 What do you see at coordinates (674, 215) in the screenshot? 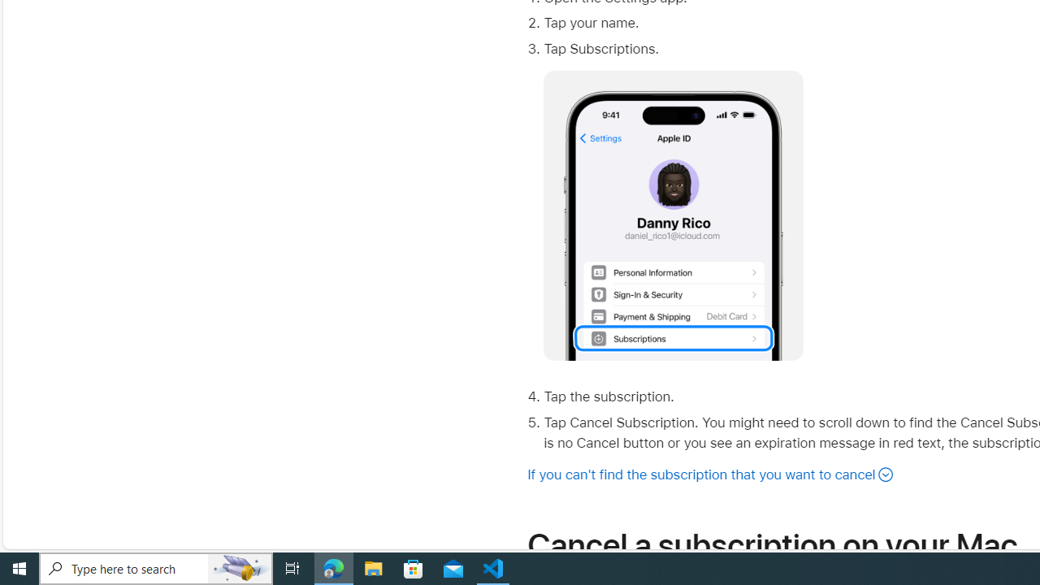
I see `'No alt supplied for Image'` at bounding box center [674, 215].